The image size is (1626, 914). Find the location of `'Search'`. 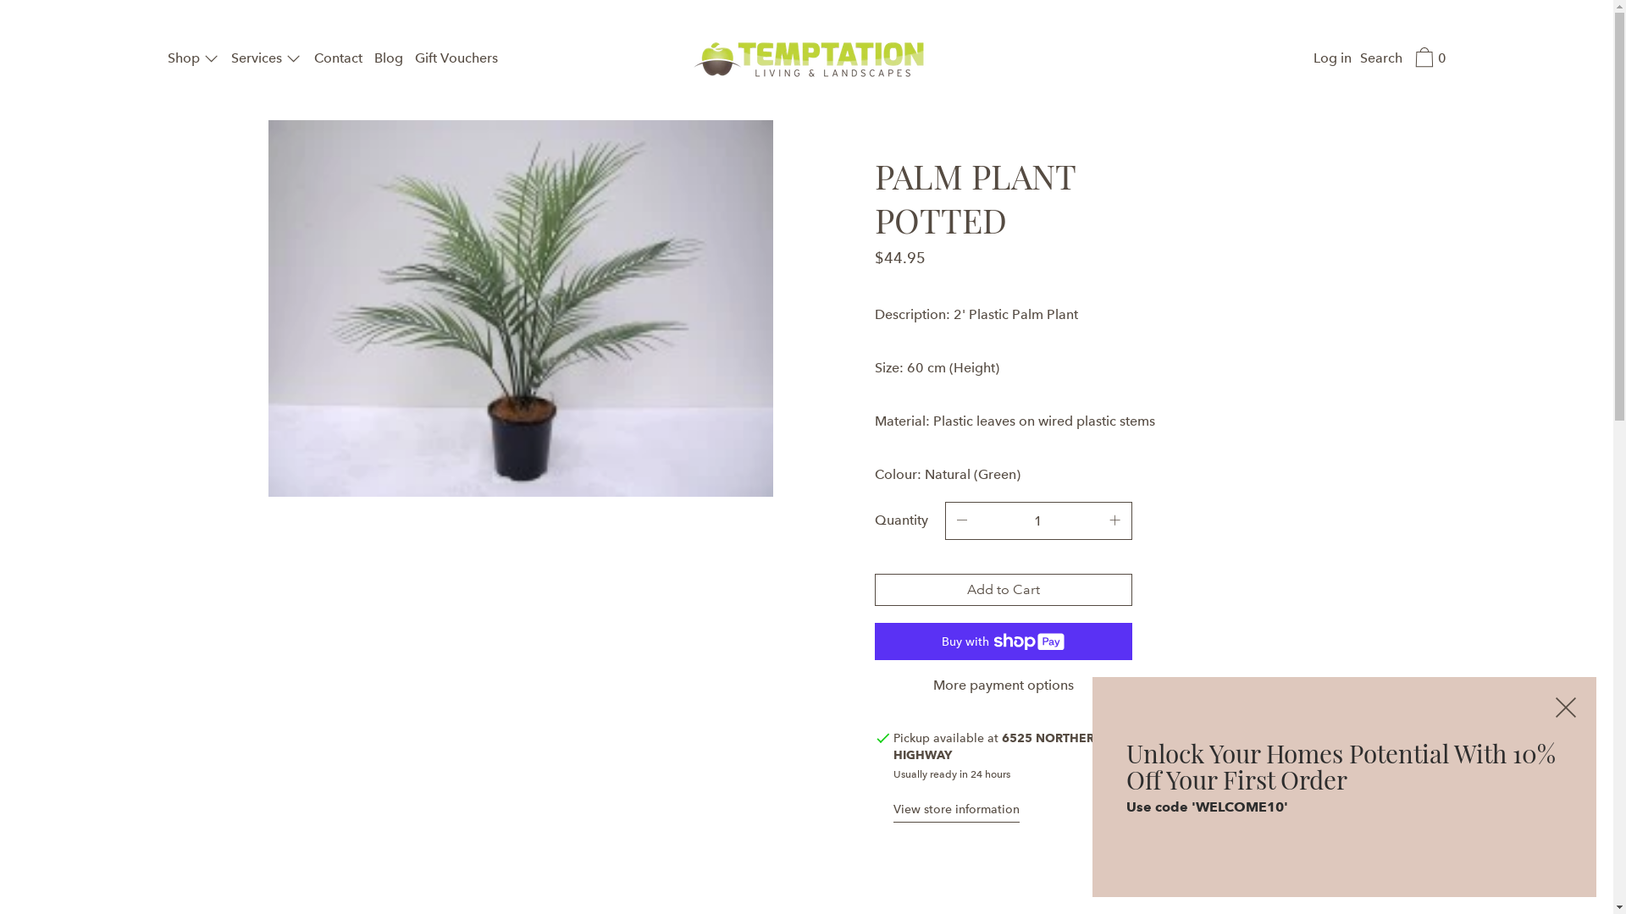

'Search' is located at coordinates (1381, 58).